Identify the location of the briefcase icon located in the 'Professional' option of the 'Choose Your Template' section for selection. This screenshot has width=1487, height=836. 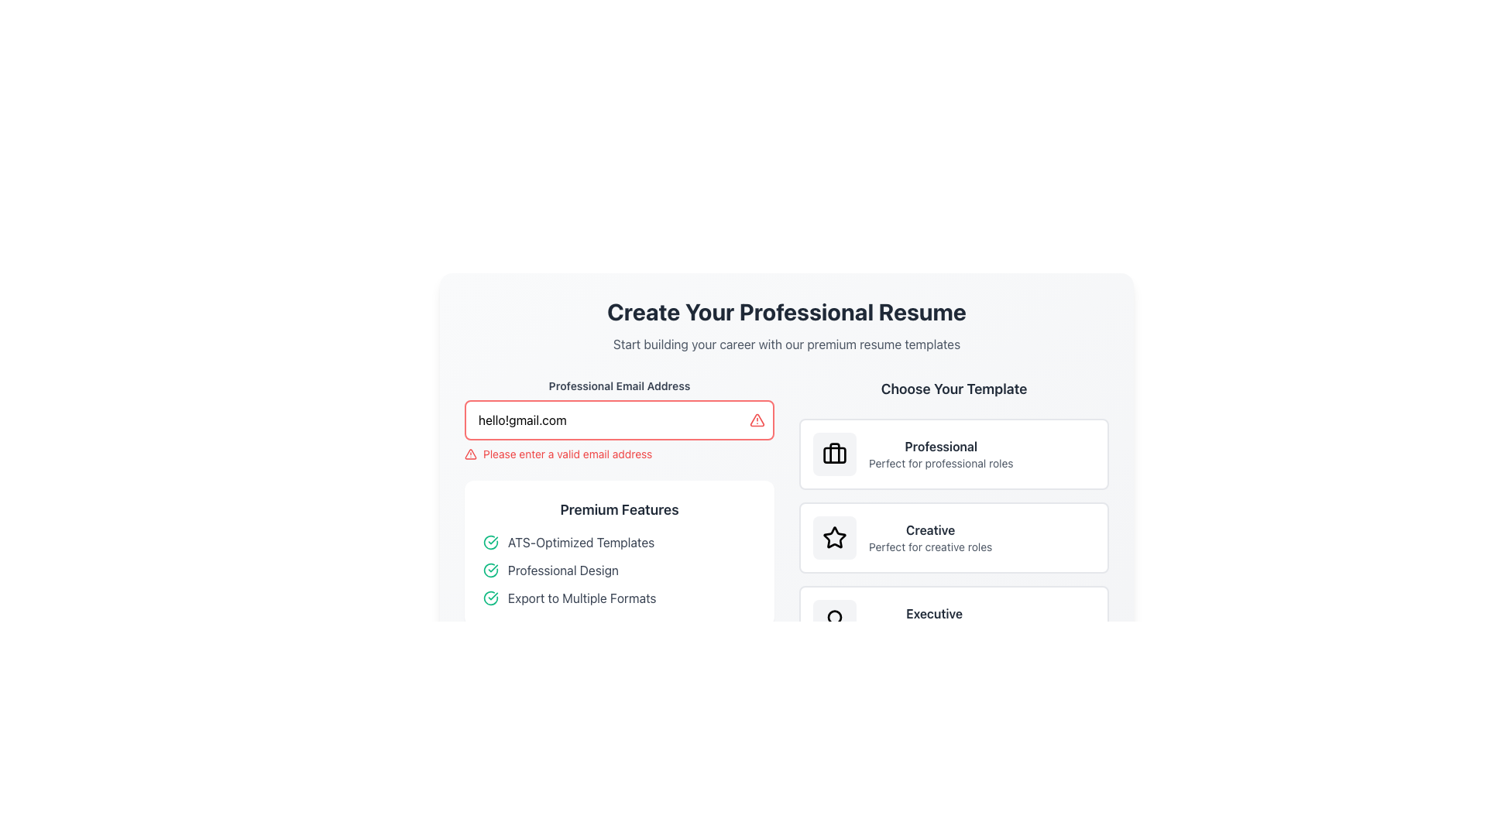
(834, 453).